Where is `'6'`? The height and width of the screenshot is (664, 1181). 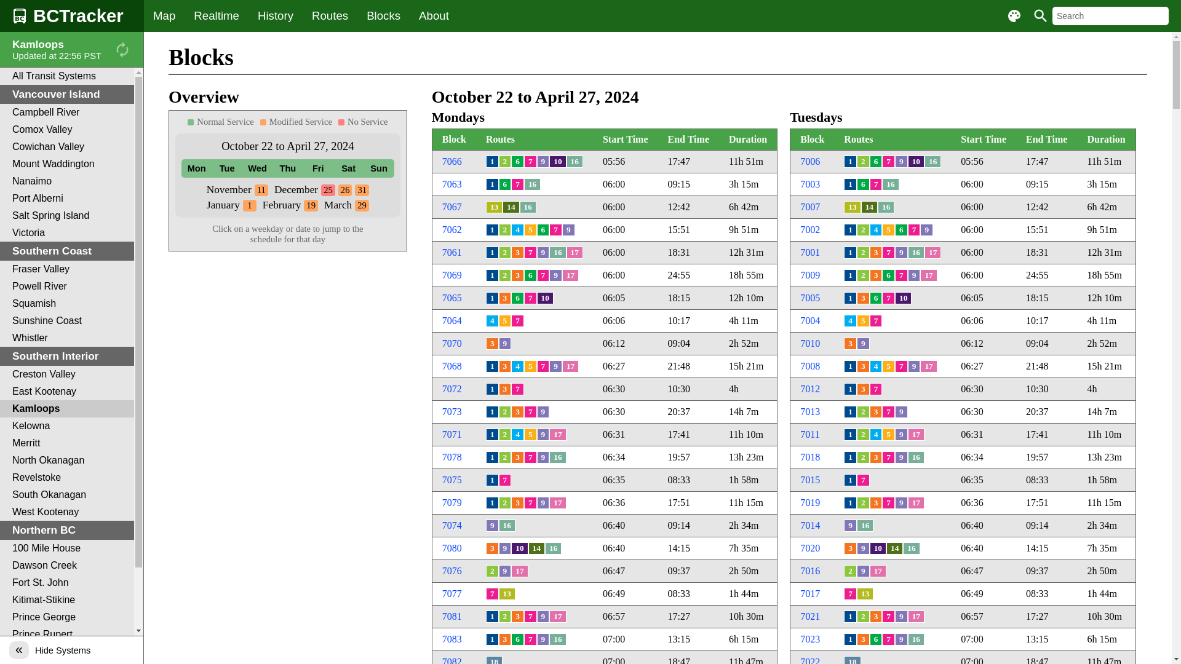
'6' is located at coordinates (894, 230).